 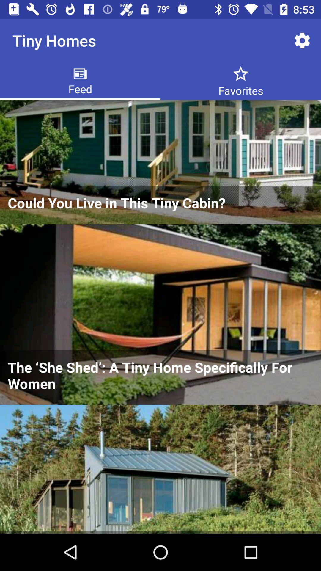 I want to click on item to the right of tiny homes, so click(x=302, y=40).